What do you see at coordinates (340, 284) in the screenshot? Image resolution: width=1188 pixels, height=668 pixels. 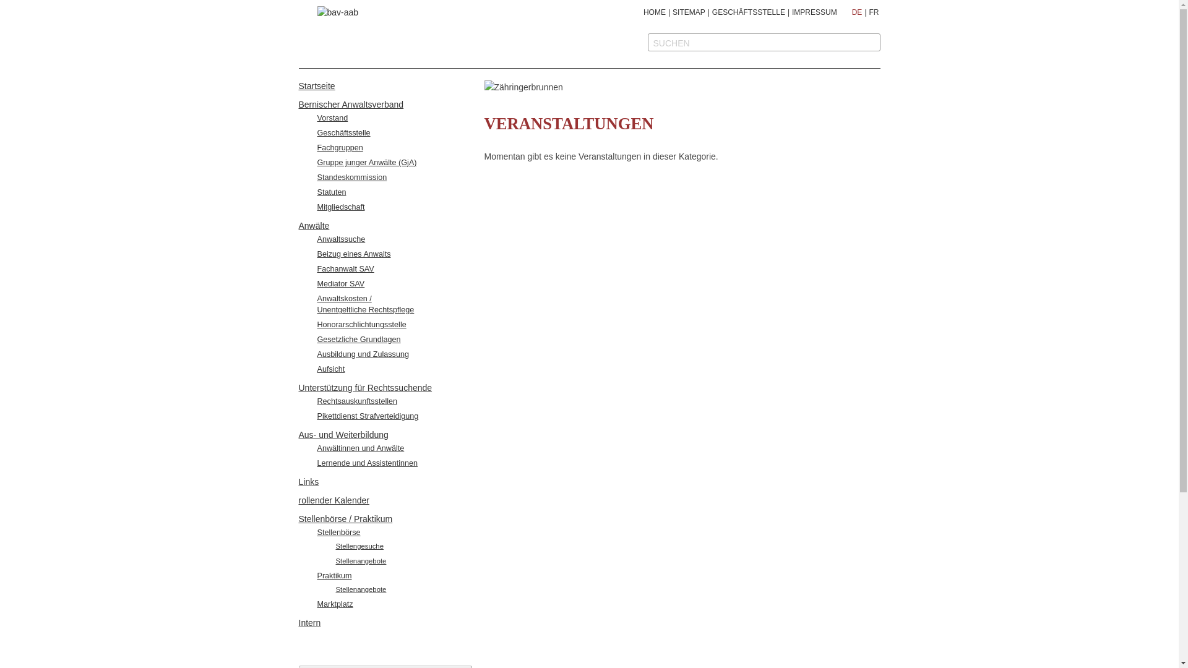 I see `'Mediator SAV'` at bounding box center [340, 284].